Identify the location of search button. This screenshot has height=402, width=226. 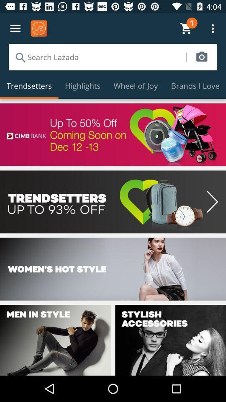
(201, 57).